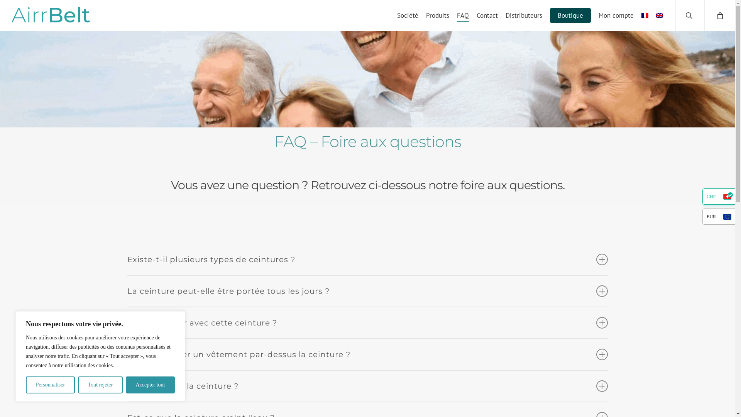  I want to click on 'Existe-t-il plusieurs types de ceintures ?', so click(367, 259).